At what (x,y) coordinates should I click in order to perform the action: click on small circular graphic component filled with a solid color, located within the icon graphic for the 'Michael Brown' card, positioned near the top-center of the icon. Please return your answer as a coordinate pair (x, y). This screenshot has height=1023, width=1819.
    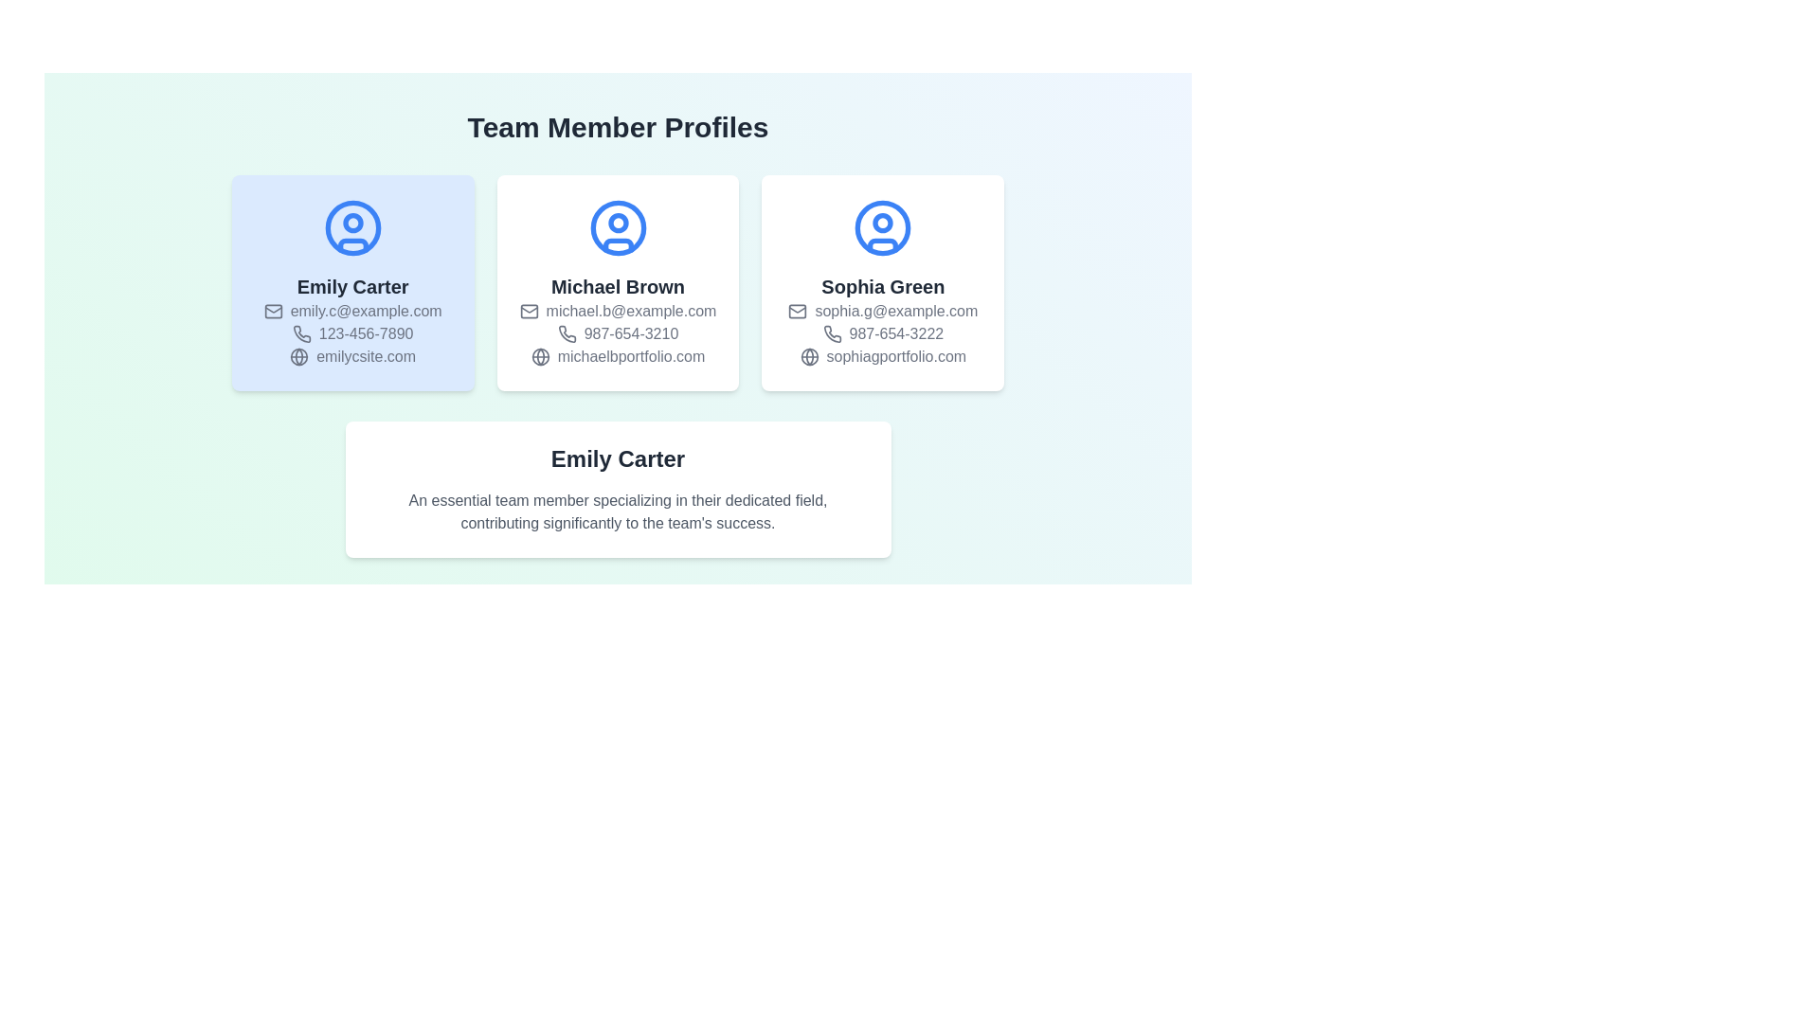
    Looking at the image, I should click on (618, 222).